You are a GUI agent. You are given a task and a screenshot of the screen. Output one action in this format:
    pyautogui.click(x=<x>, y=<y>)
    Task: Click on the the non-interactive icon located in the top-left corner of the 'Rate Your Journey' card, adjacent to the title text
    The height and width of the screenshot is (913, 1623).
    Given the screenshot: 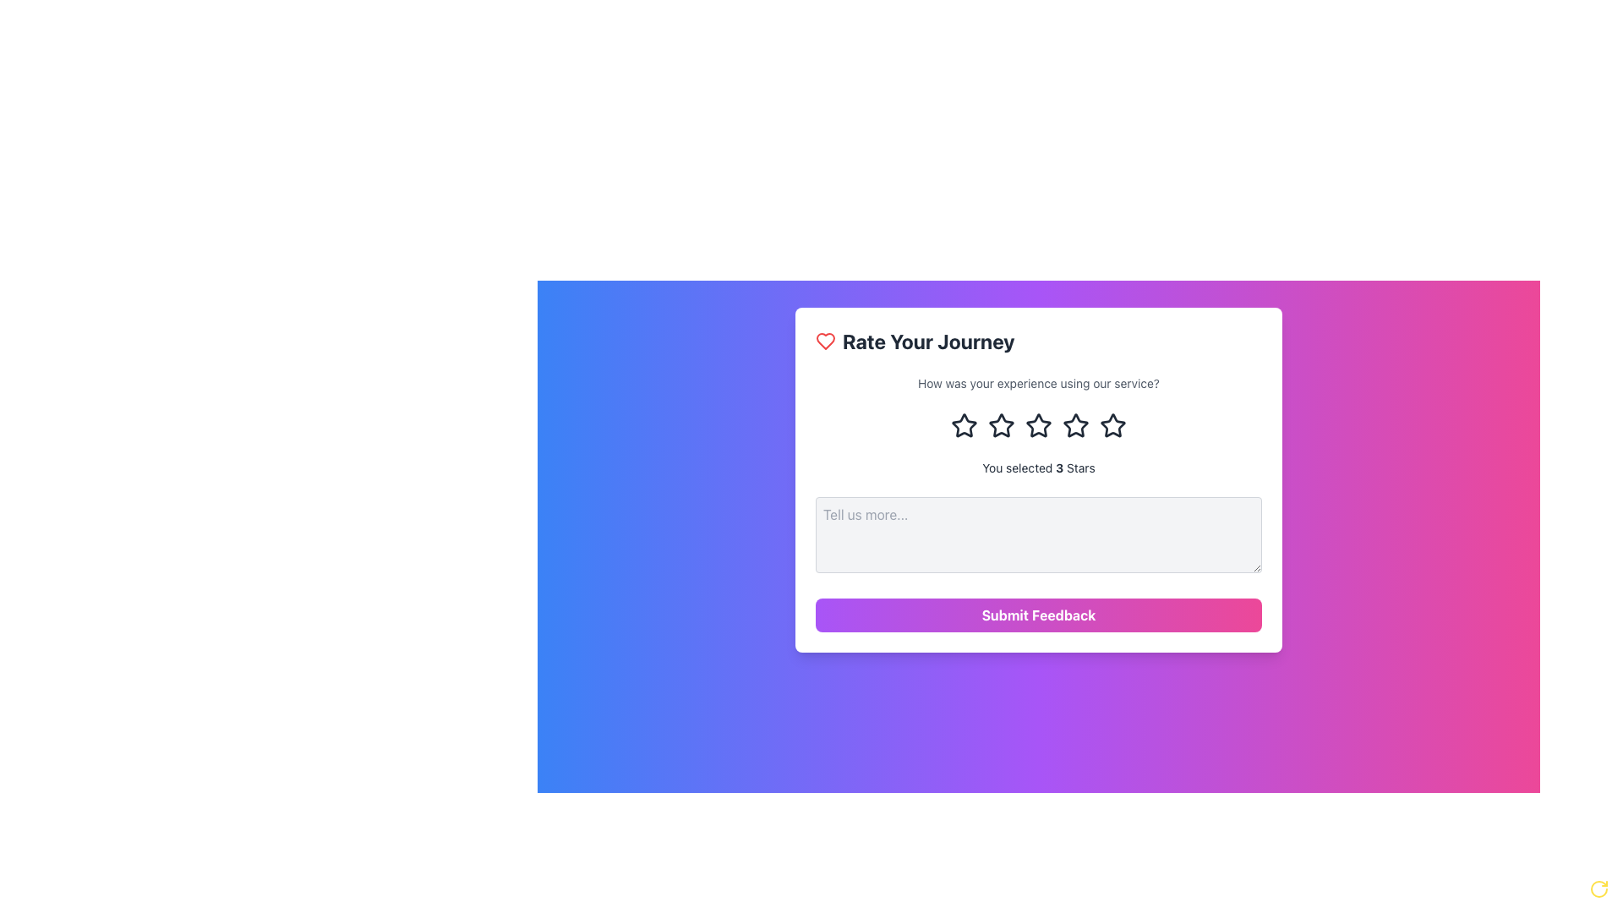 What is the action you would take?
    pyautogui.click(x=826, y=342)
    